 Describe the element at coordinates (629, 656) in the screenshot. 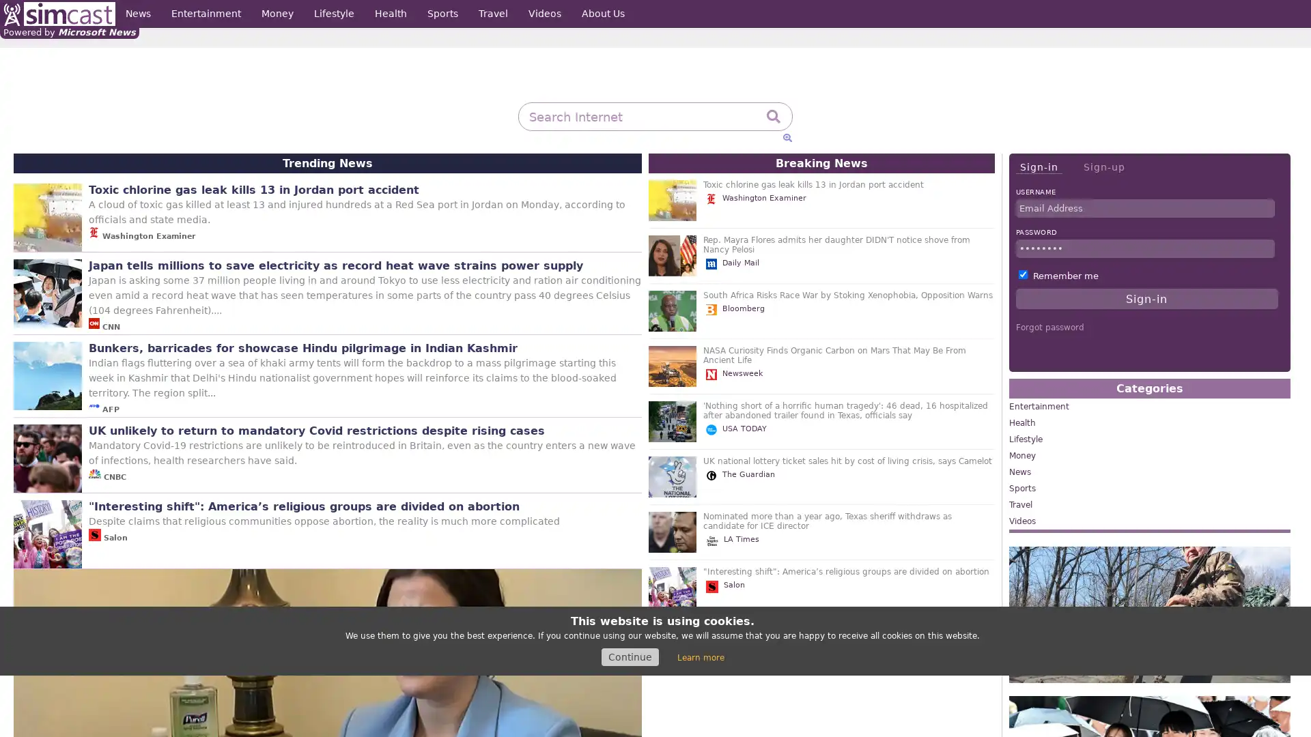

I see `Continue` at that location.